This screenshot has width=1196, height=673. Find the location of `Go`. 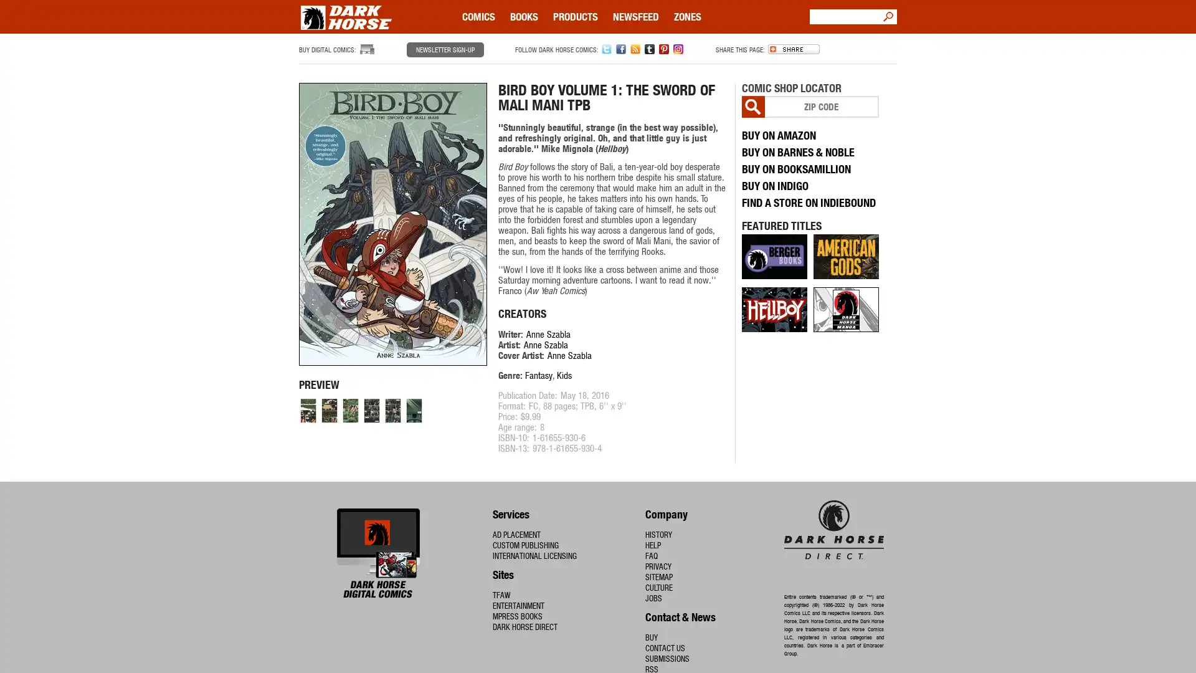

Go is located at coordinates (887, 17).